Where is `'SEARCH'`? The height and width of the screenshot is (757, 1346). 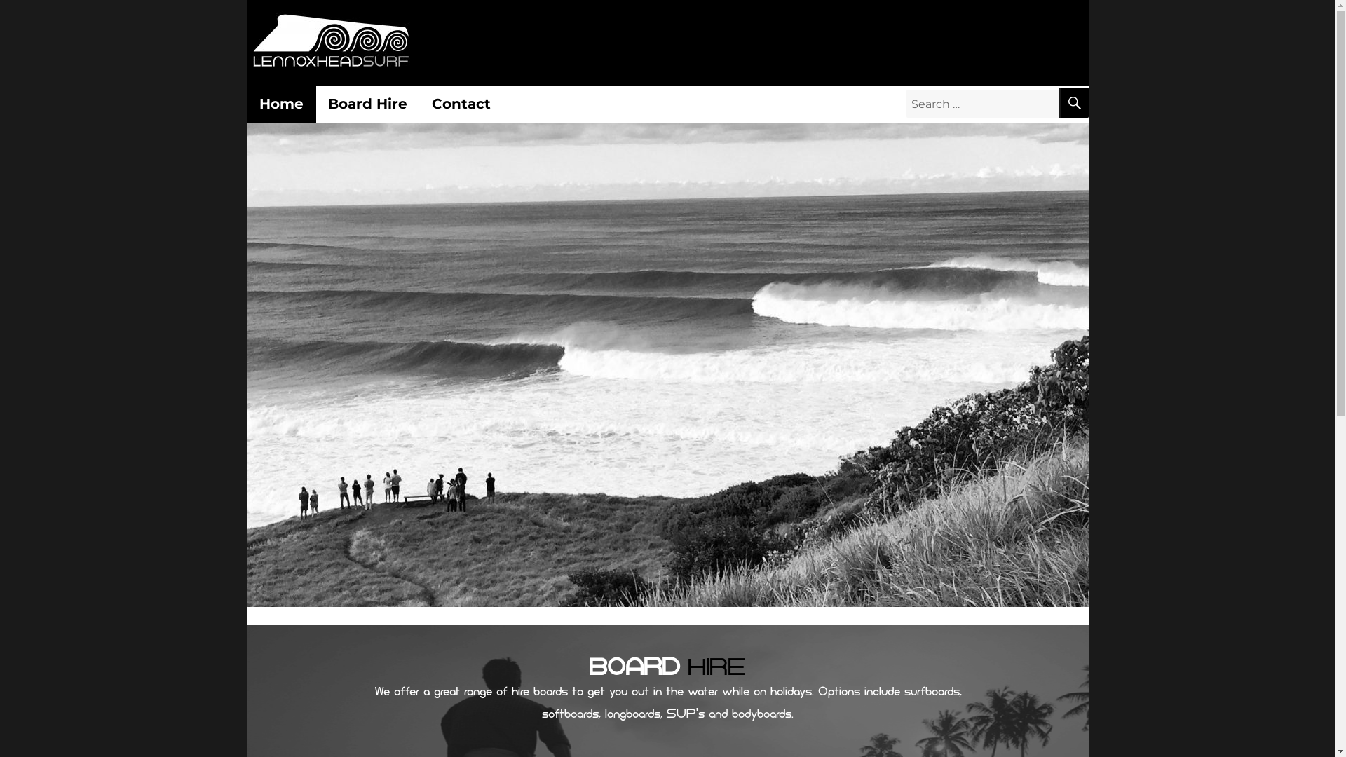 'SEARCH' is located at coordinates (1073, 102).